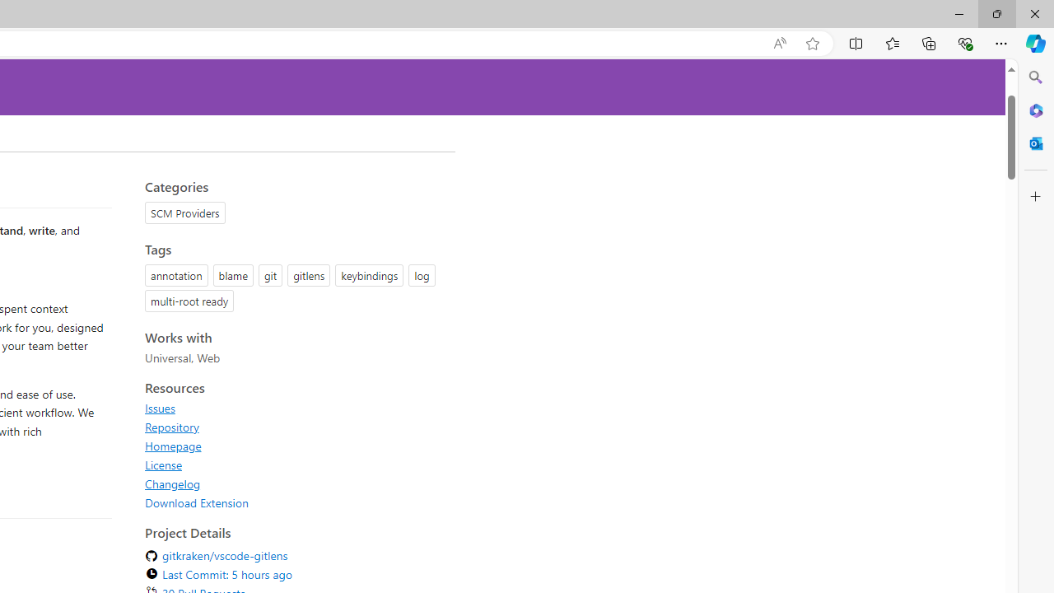 The image size is (1054, 593). What do you see at coordinates (160, 408) in the screenshot?
I see `'Issues'` at bounding box center [160, 408].